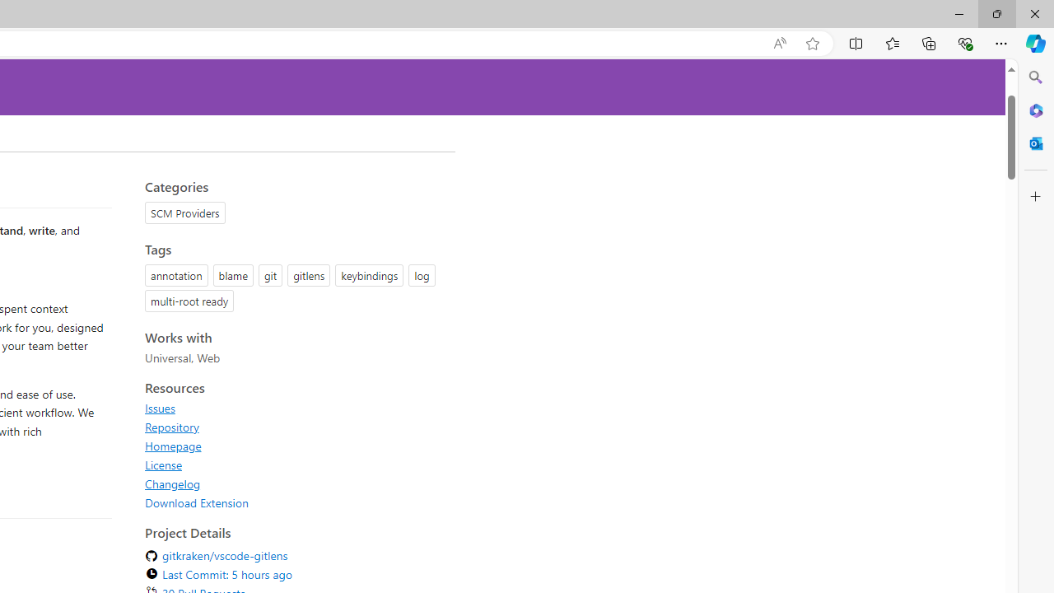 The image size is (1054, 593). What do you see at coordinates (160, 408) in the screenshot?
I see `'Issues'` at bounding box center [160, 408].